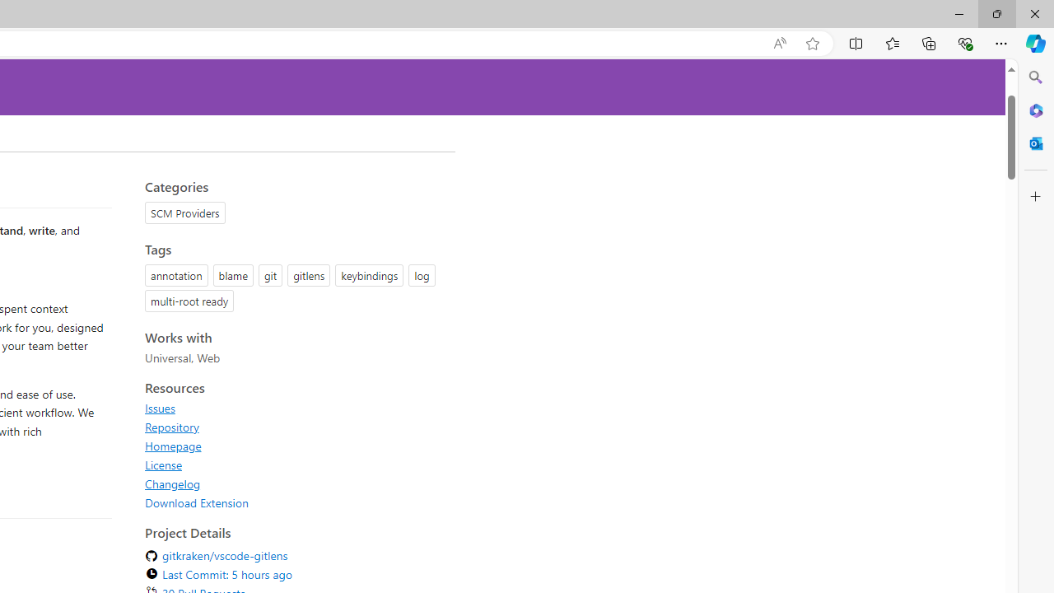 The image size is (1054, 593). What do you see at coordinates (160, 408) in the screenshot?
I see `'Issues'` at bounding box center [160, 408].